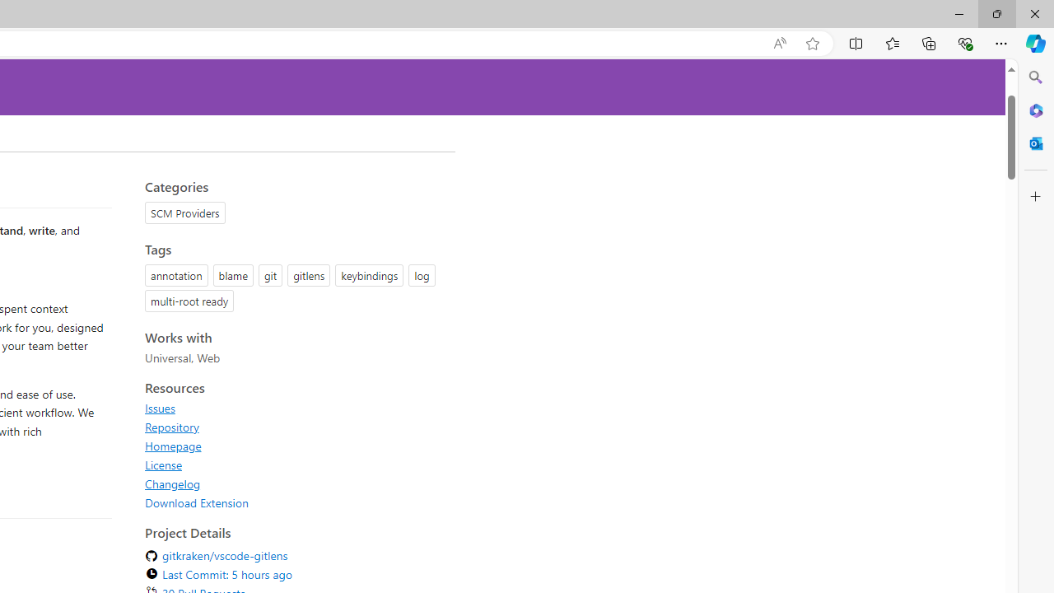 The image size is (1054, 593). What do you see at coordinates (160, 408) in the screenshot?
I see `'Issues'` at bounding box center [160, 408].